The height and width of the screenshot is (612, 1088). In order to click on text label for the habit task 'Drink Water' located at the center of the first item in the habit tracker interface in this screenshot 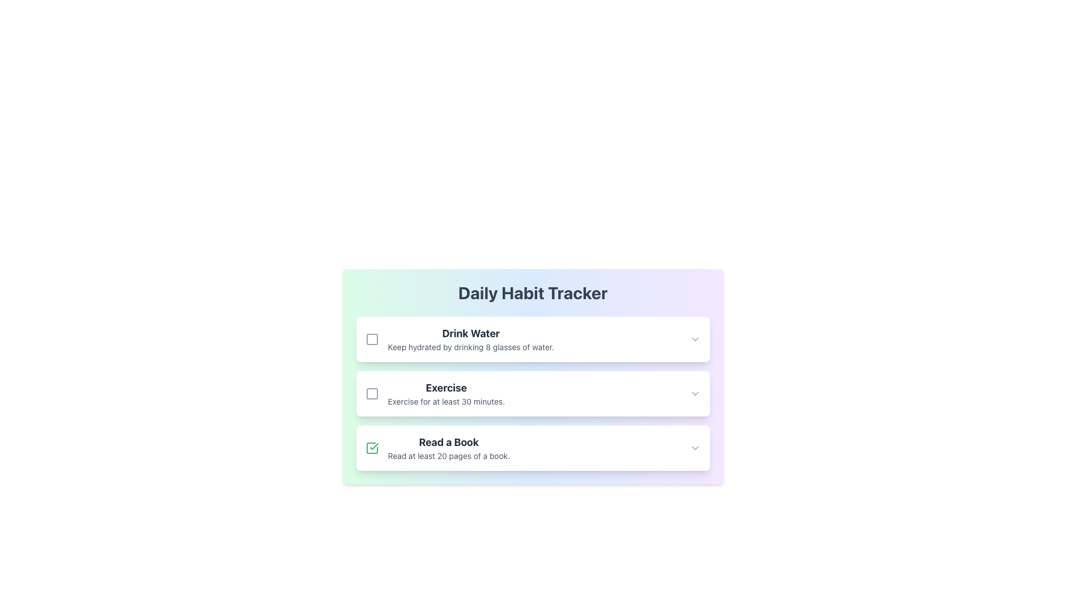, I will do `click(471, 333)`.